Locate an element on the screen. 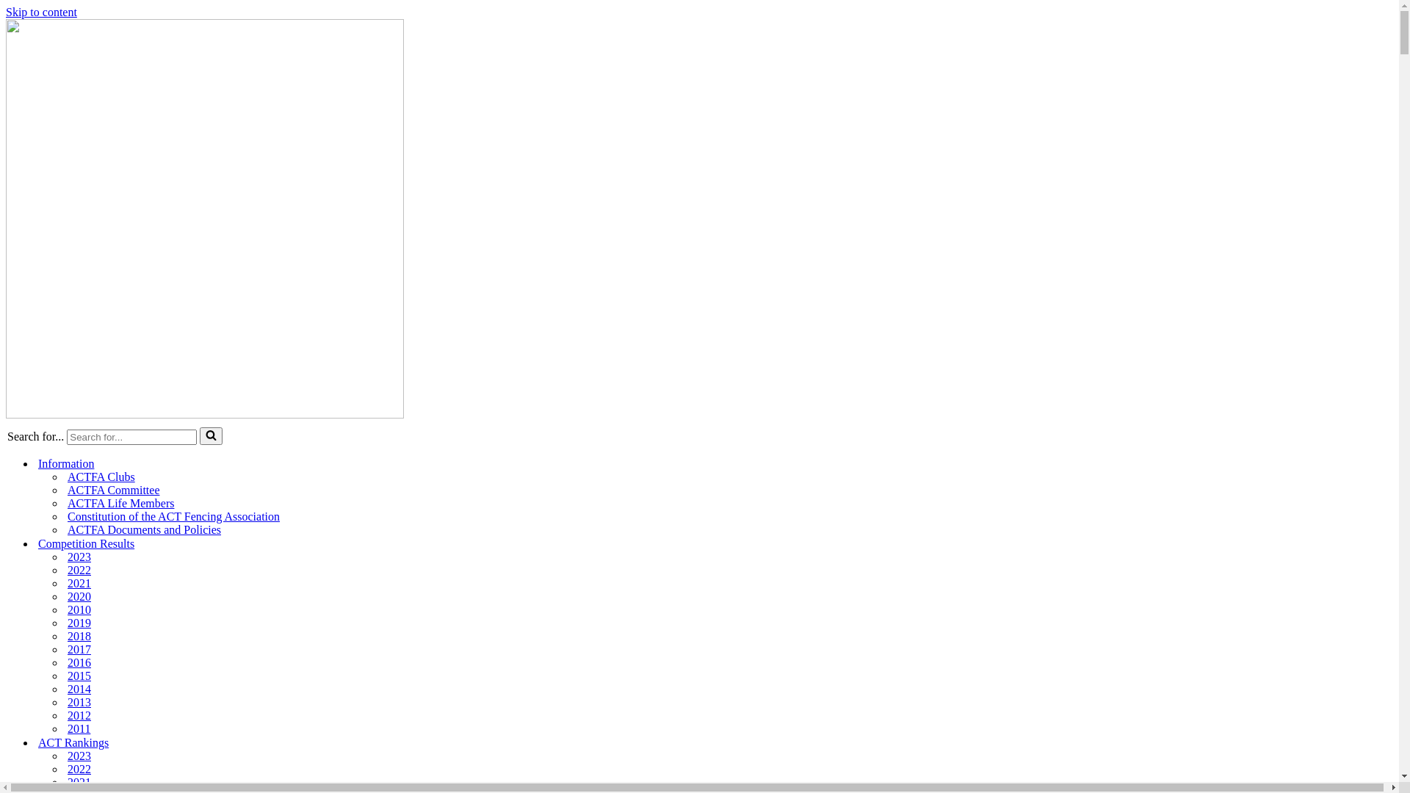  '2012' is located at coordinates (79, 715).